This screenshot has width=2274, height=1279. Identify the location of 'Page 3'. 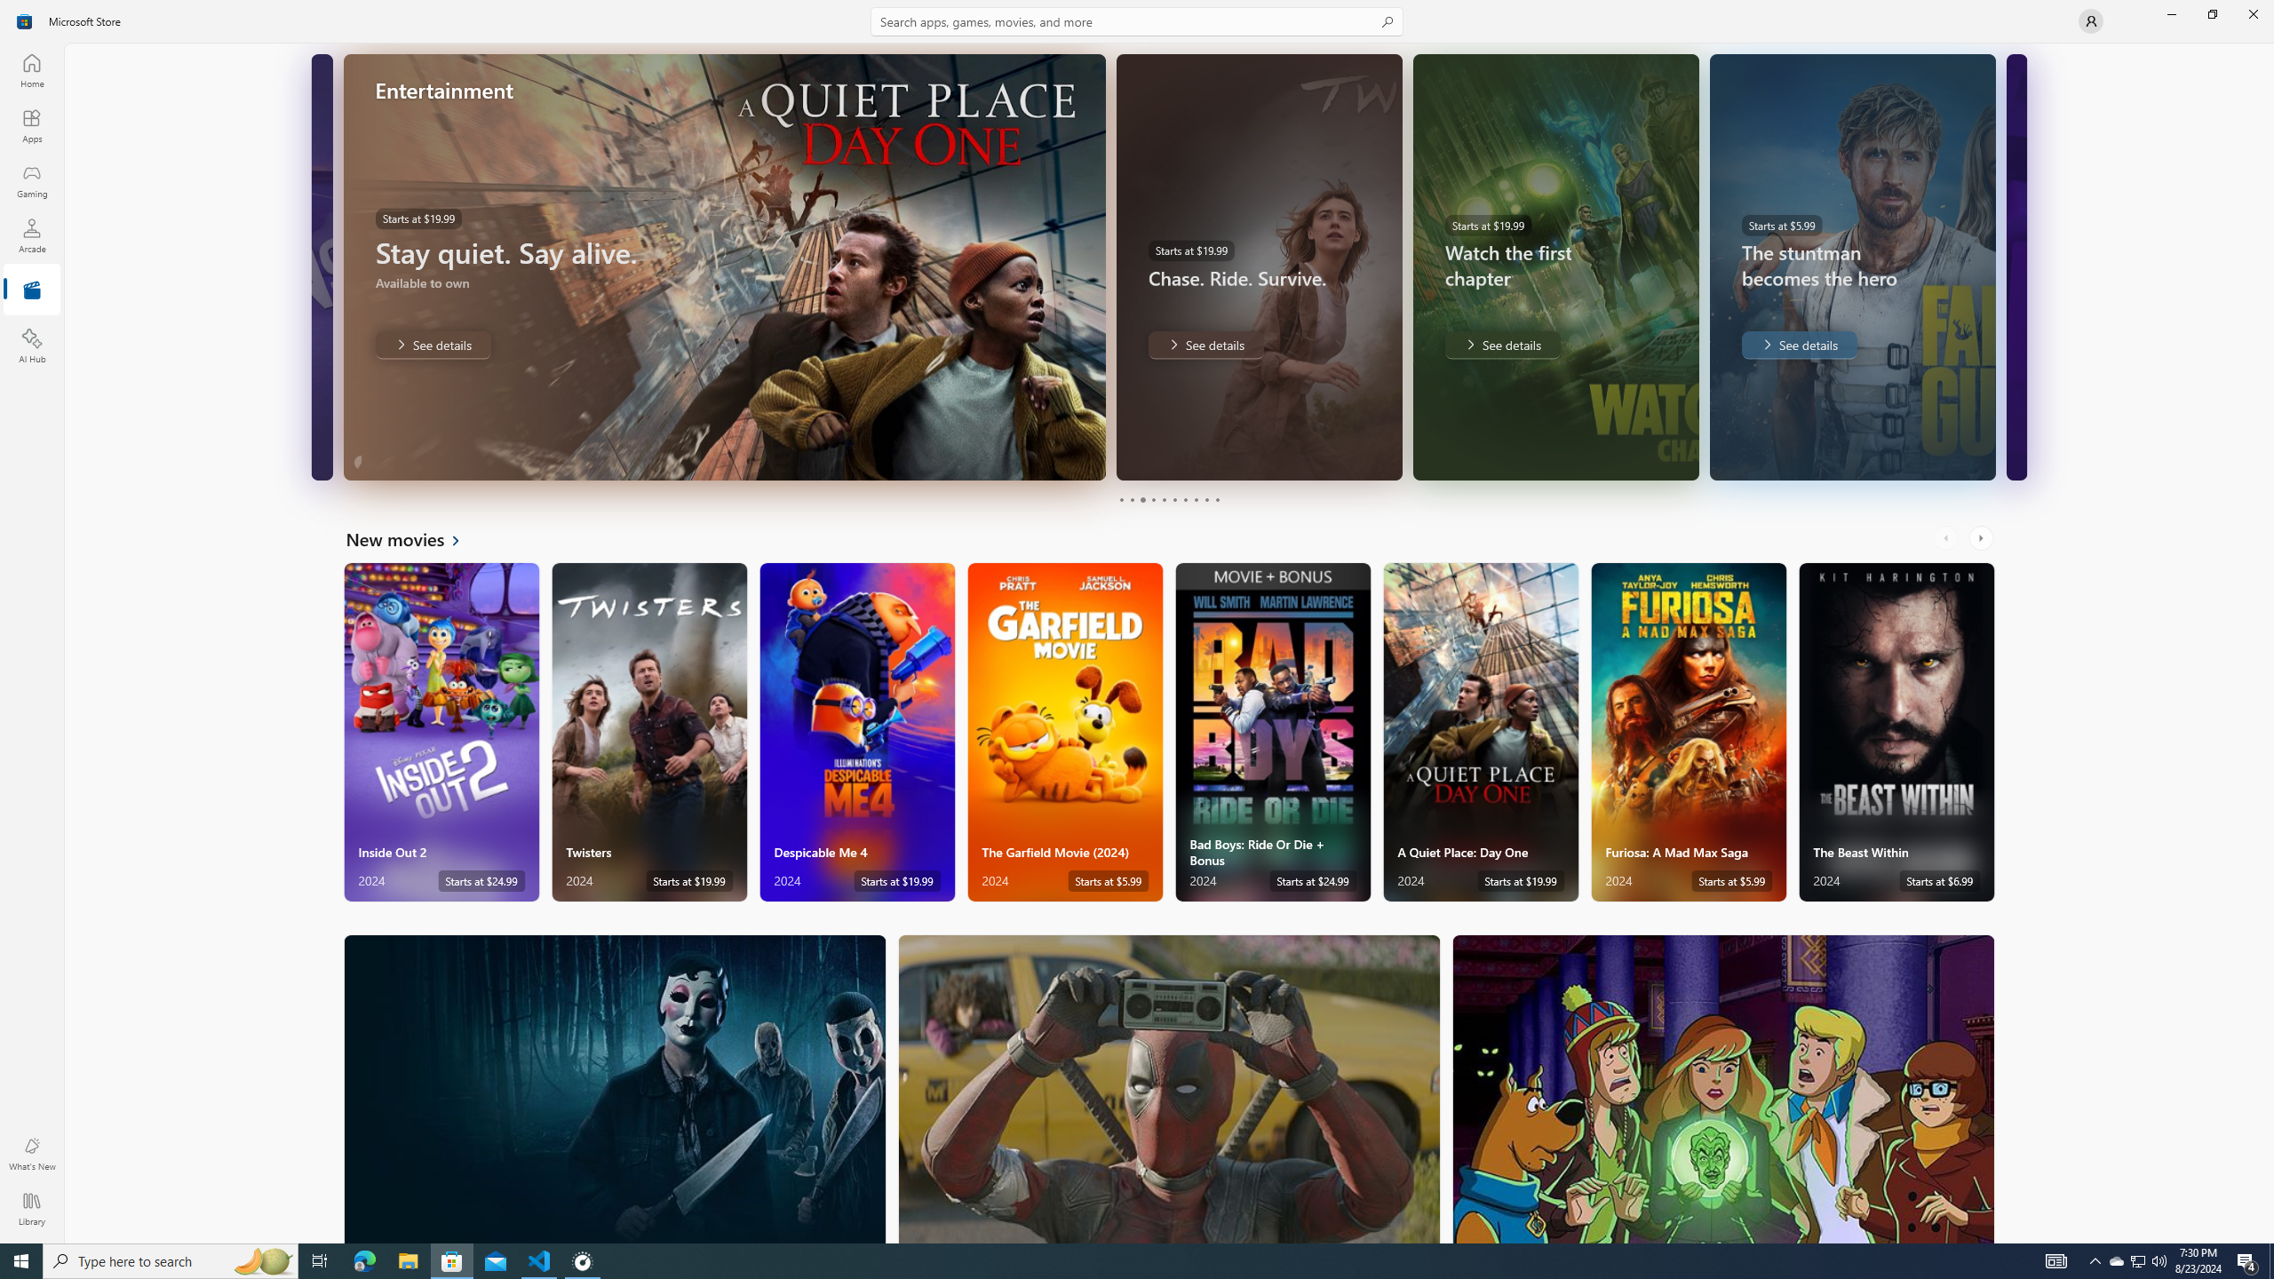
(1141, 499).